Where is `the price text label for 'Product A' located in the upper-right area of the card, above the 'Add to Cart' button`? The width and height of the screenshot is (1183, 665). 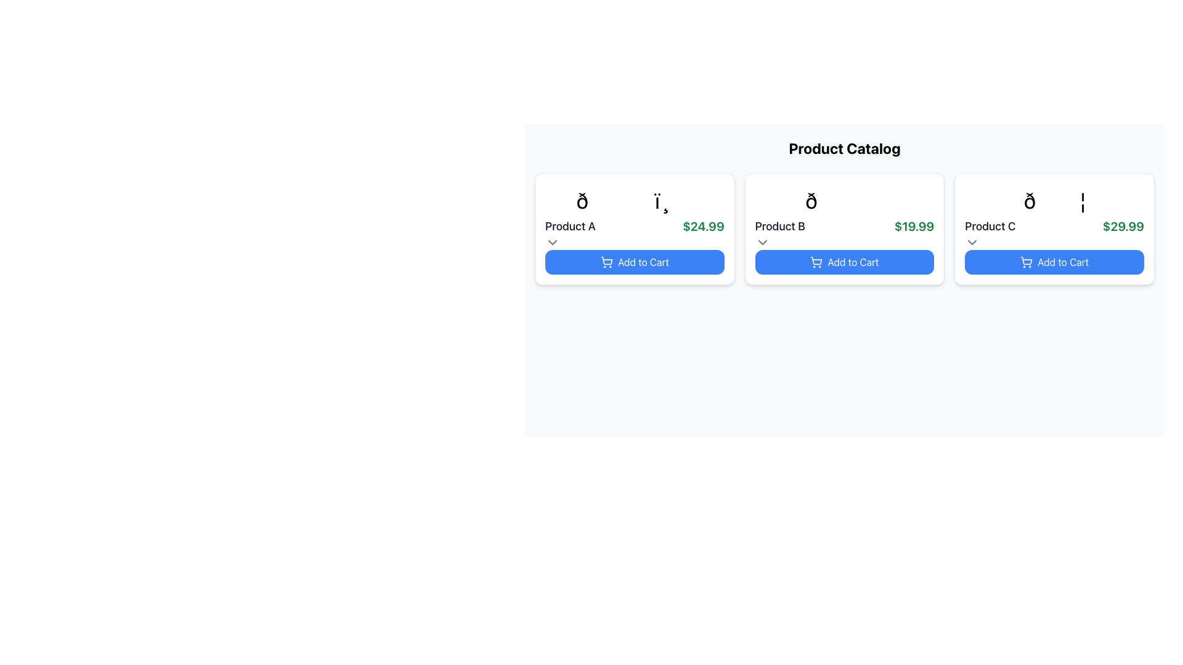
the price text label for 'Product A' located in the upper-right area of the card, above the 'Add to Cart' button is located at coordinates (704, 226).